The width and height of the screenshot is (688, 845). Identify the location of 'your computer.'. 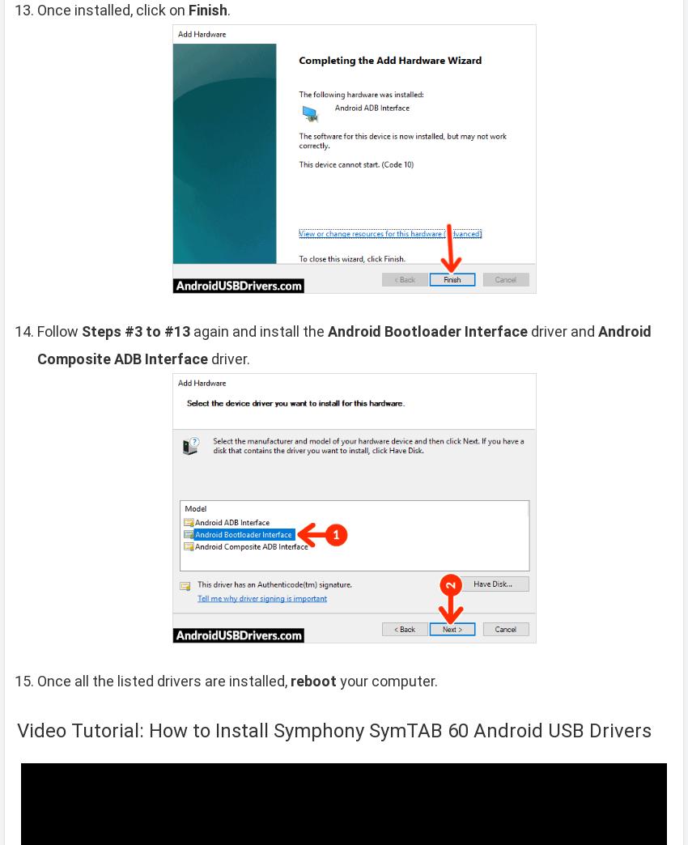
(336, 679).